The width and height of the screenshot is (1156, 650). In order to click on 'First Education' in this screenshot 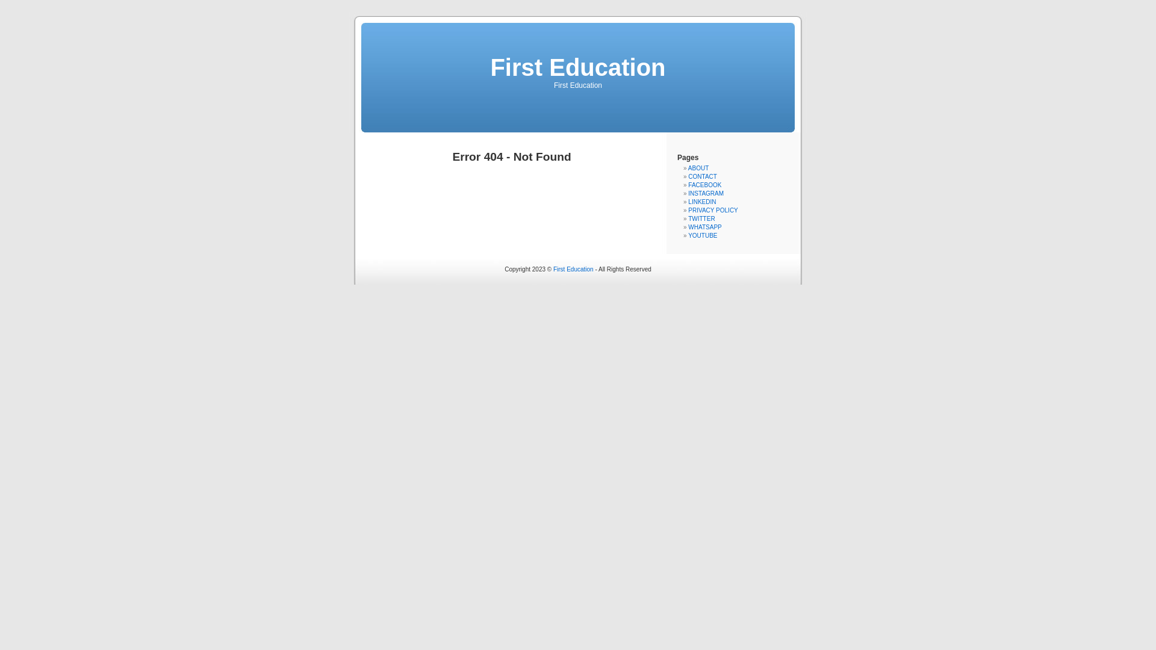, I will do `click(577, 67)`.